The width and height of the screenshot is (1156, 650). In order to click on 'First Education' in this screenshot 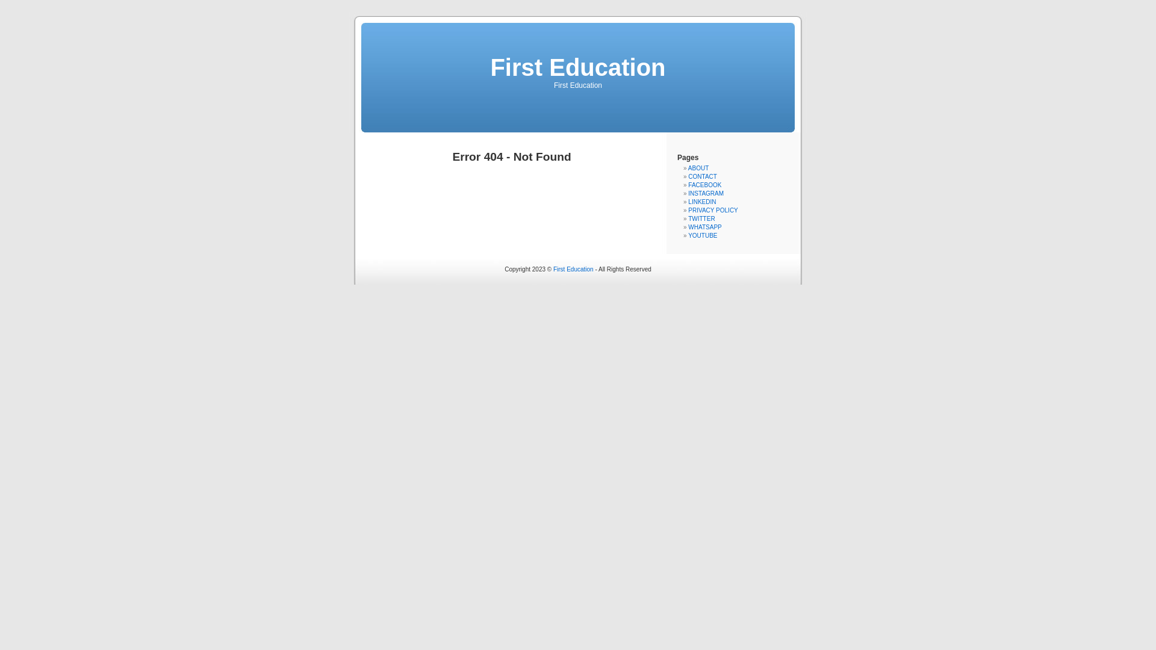, I will do `click(577, 67)`.